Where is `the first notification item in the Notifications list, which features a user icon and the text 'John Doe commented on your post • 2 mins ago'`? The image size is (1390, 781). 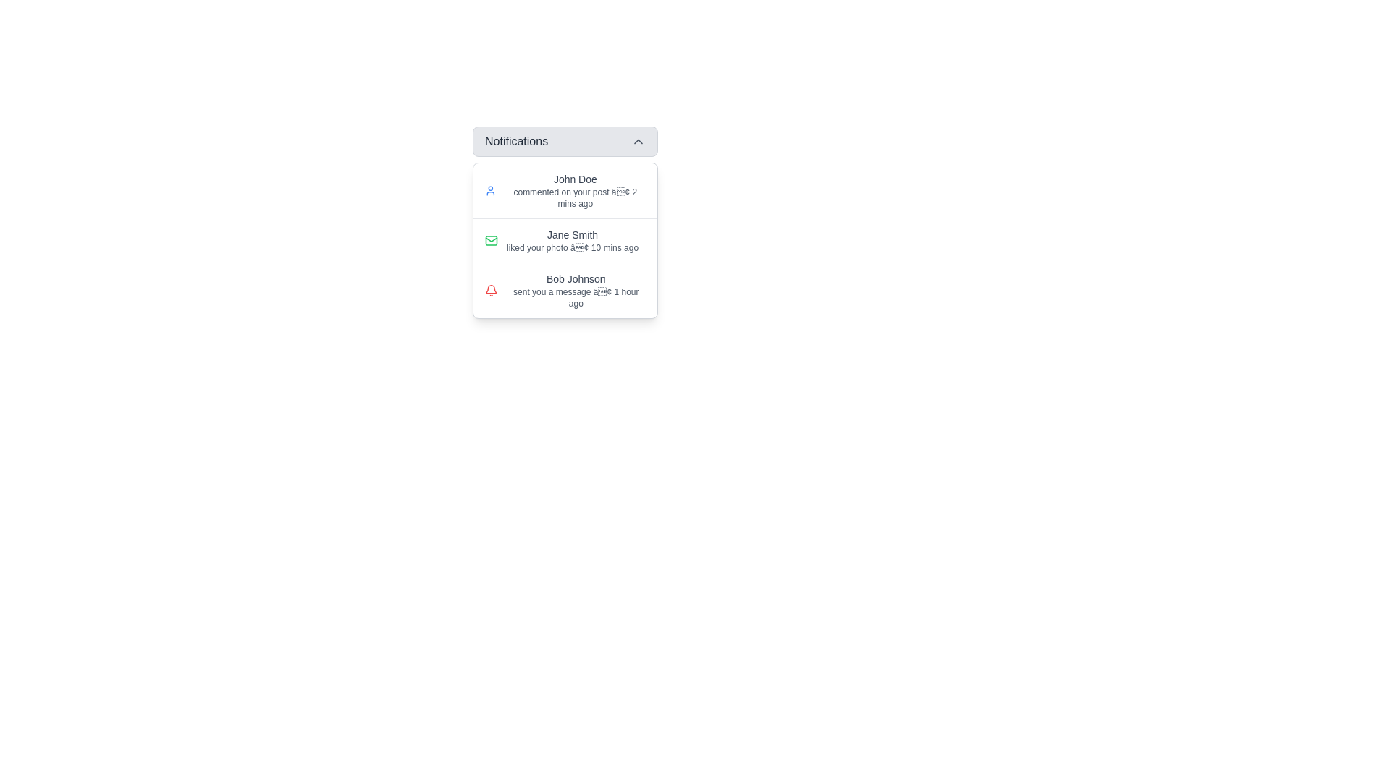
the first notification item in the Notifications list, which features a user icon and the text 'John Doe commented on your post • 2 mins ago' is located at coordinates (565, 189).